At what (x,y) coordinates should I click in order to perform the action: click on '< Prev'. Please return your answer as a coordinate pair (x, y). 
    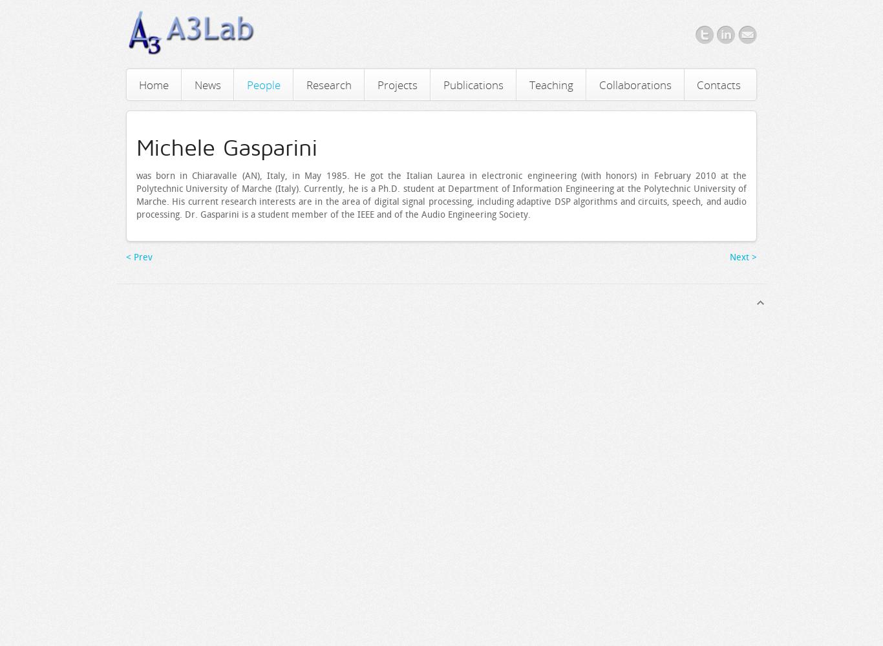
    Looking at the image, I should click on (138, 257).